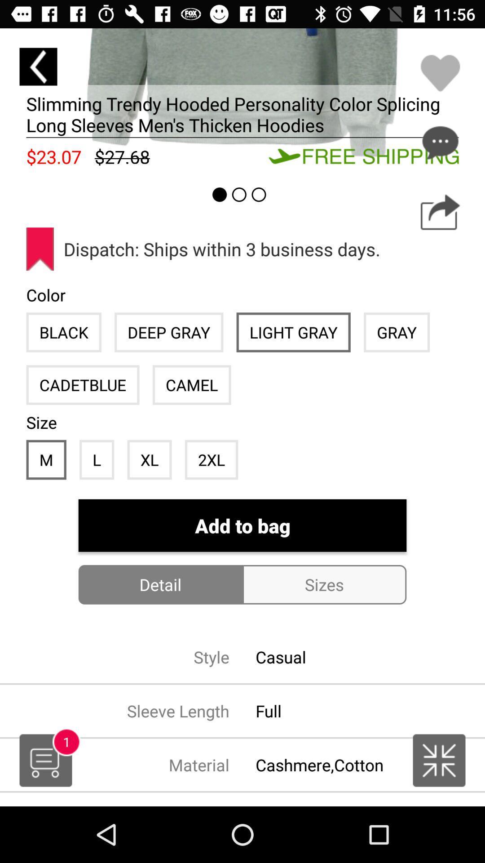  I want to click on the national_flag icon, so click(439, 760).